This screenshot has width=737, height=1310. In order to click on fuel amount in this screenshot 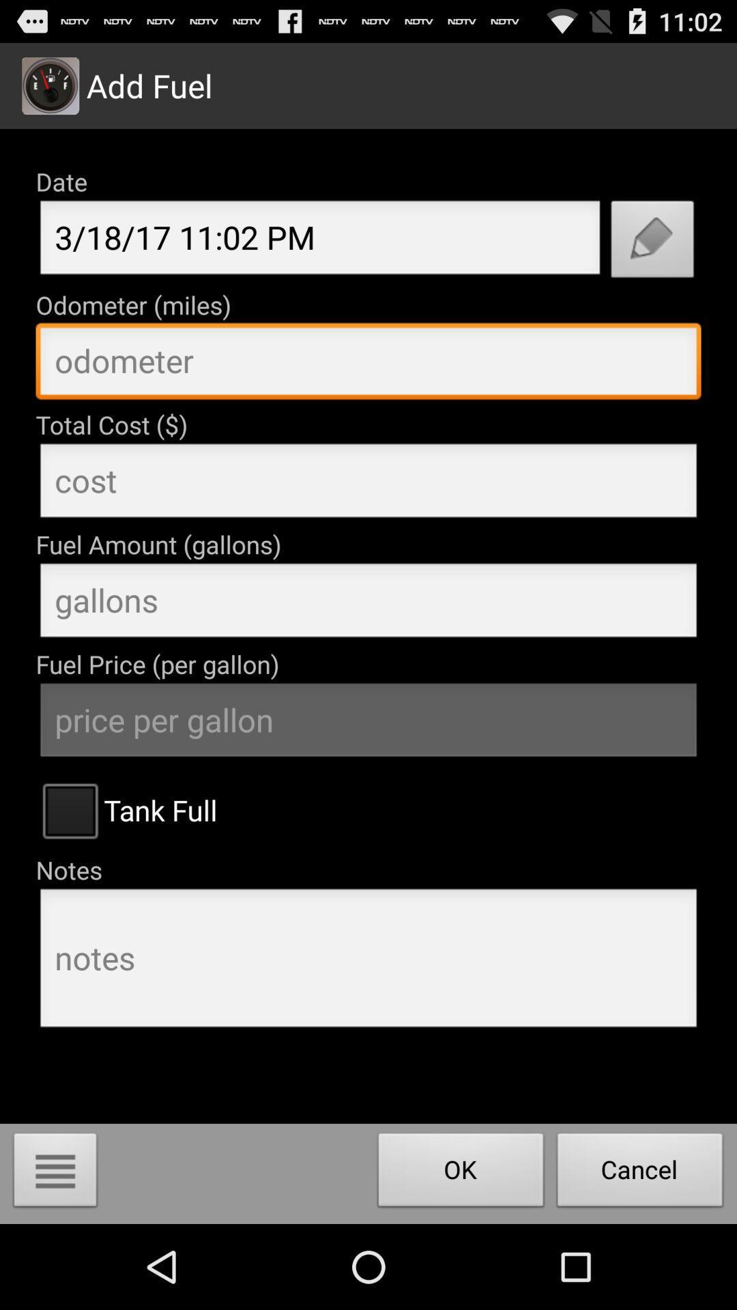, I will do `click(369, 603)`.